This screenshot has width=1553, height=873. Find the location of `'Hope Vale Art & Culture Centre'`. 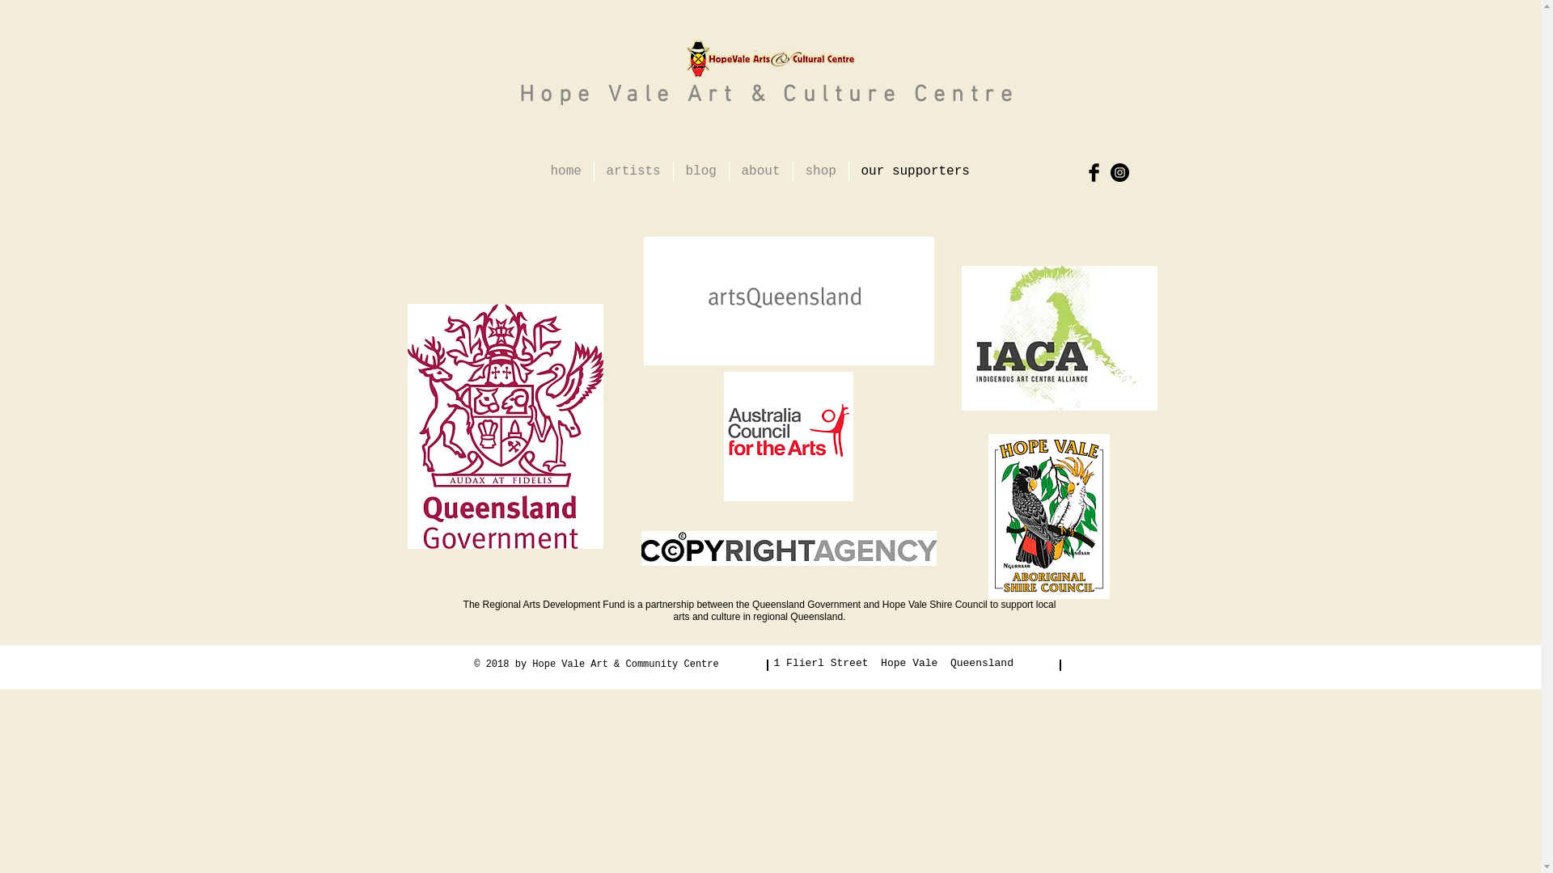

'Hope Vale Art & Culture Centre' is located at coordinates (768, 95).